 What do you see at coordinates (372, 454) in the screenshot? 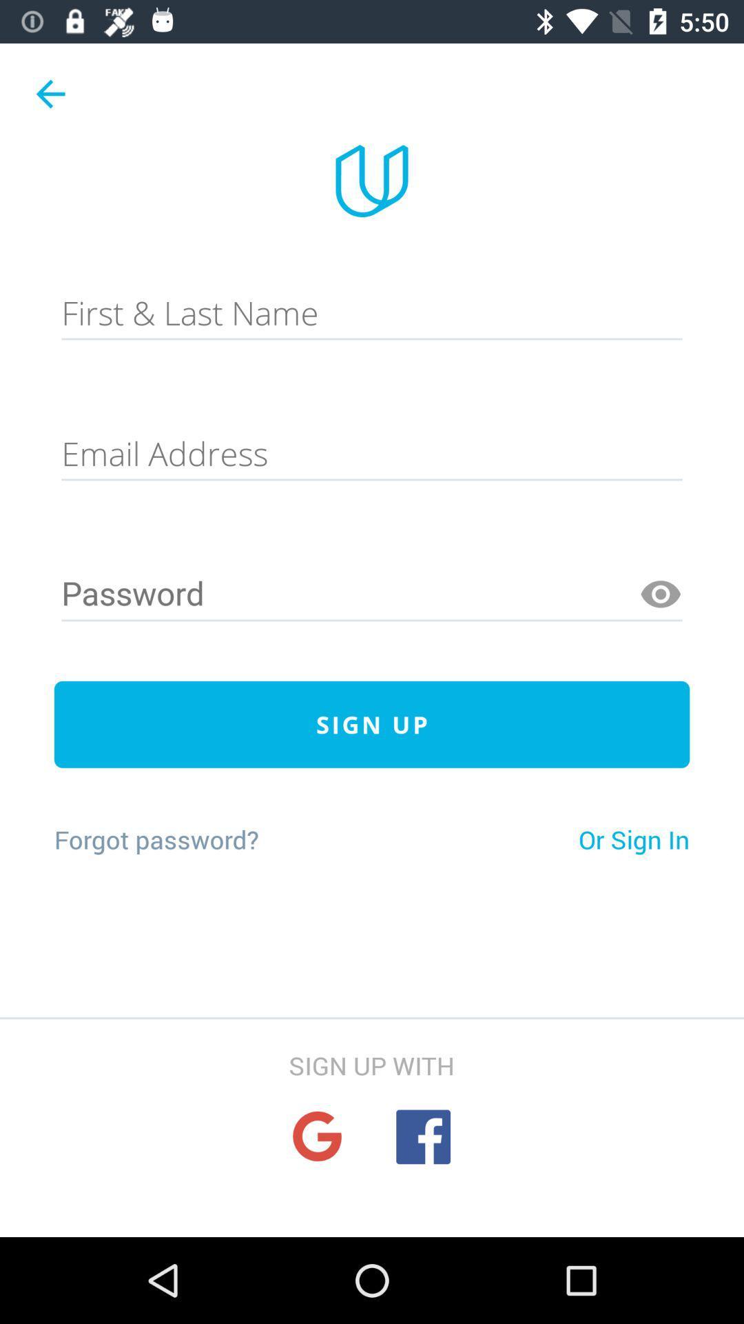
I see `email address` at bounding box center [372, 454].